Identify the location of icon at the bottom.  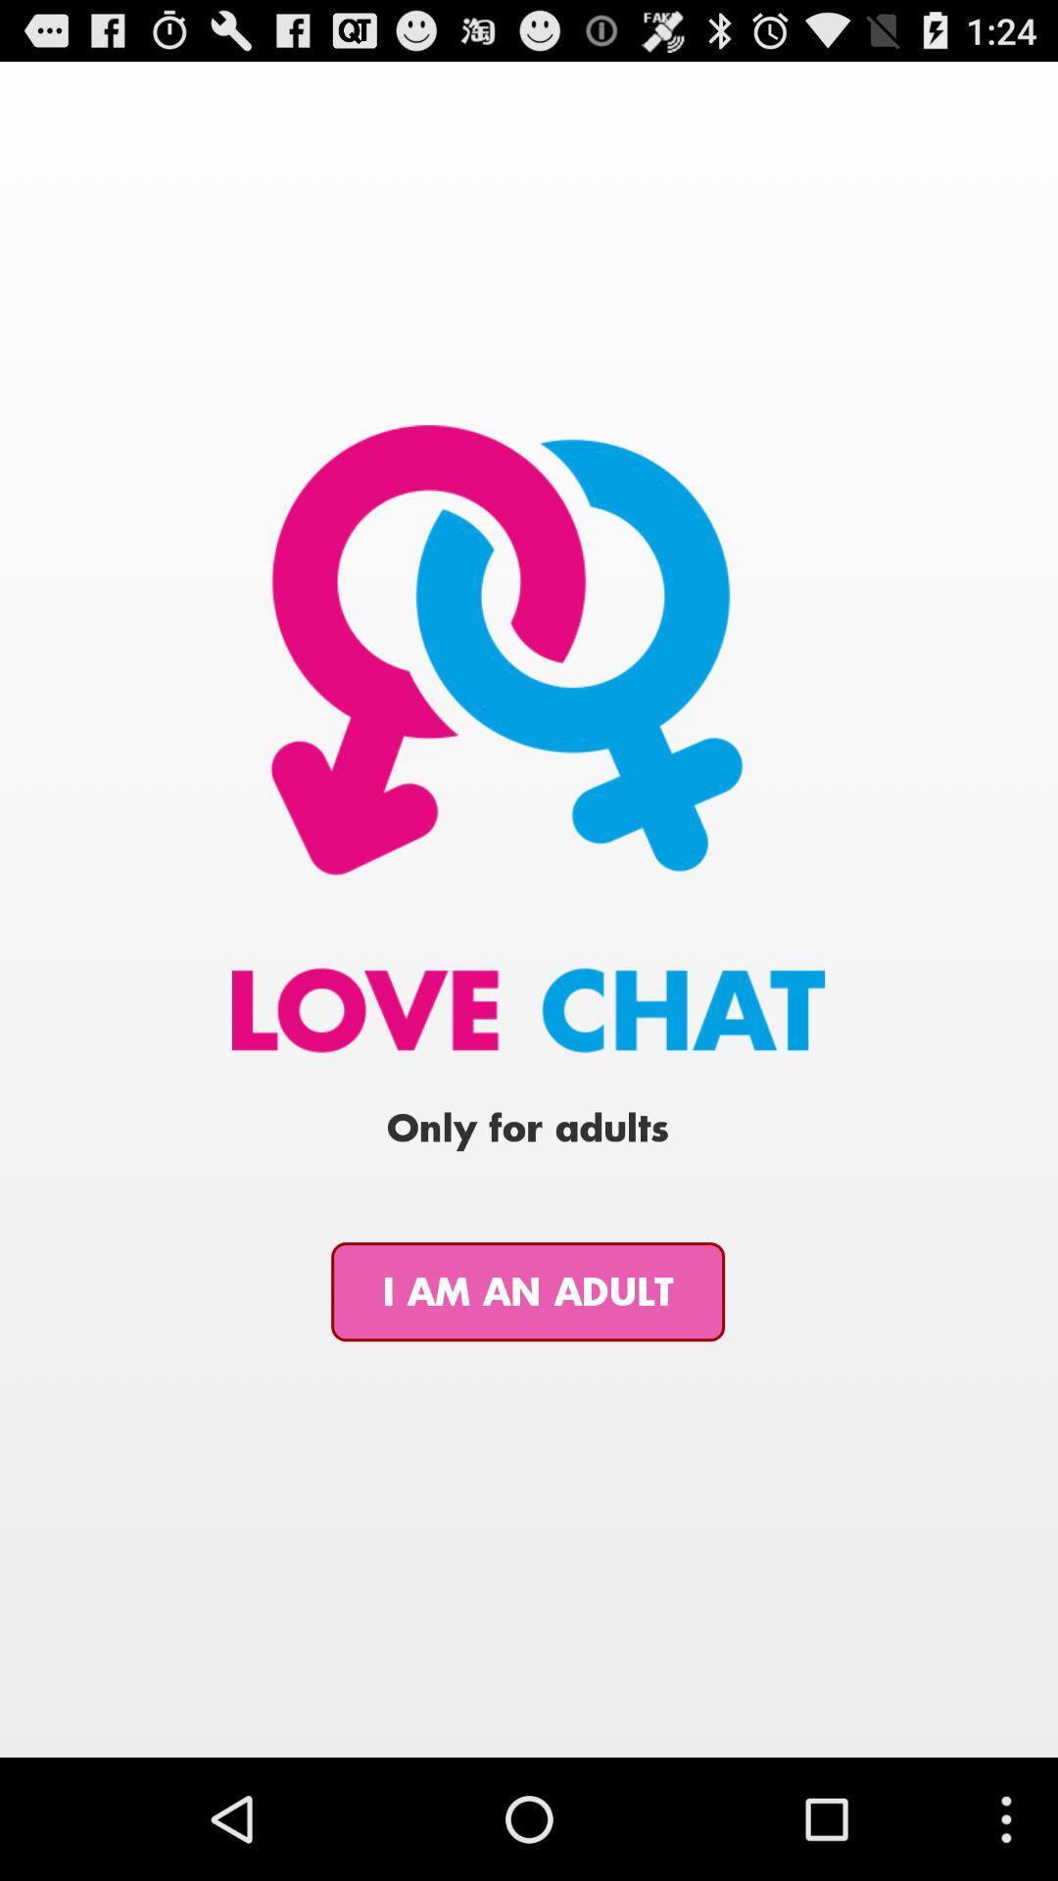
(527, 1291).